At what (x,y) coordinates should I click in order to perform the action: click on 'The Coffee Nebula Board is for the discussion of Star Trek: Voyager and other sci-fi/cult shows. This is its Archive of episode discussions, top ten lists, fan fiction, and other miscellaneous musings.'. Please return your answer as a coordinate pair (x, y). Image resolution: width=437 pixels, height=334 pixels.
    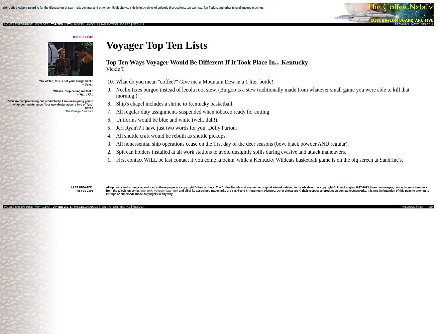
    Looking at the image, I should click on (133, 8).